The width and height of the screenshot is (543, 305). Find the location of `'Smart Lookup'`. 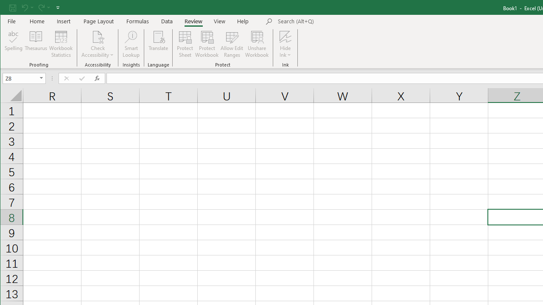

'Smart Lookup' is located at coordinates (131, 44).